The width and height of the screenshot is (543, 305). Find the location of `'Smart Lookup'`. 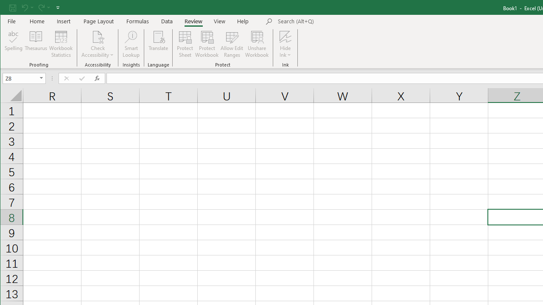

'Smart Lookup' is located at coordinates (131, 44).